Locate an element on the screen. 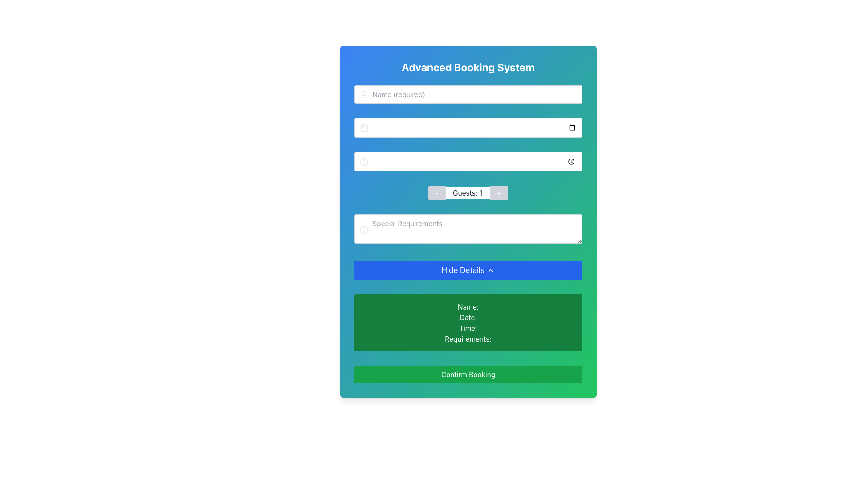  the text label that displays 'Date:' styled in white sans-serif font against a dark green background, located near the bottom of the interface between the 'Hide Details' button and the 'Confirm Booking' button is located at coordinates (468, 317).